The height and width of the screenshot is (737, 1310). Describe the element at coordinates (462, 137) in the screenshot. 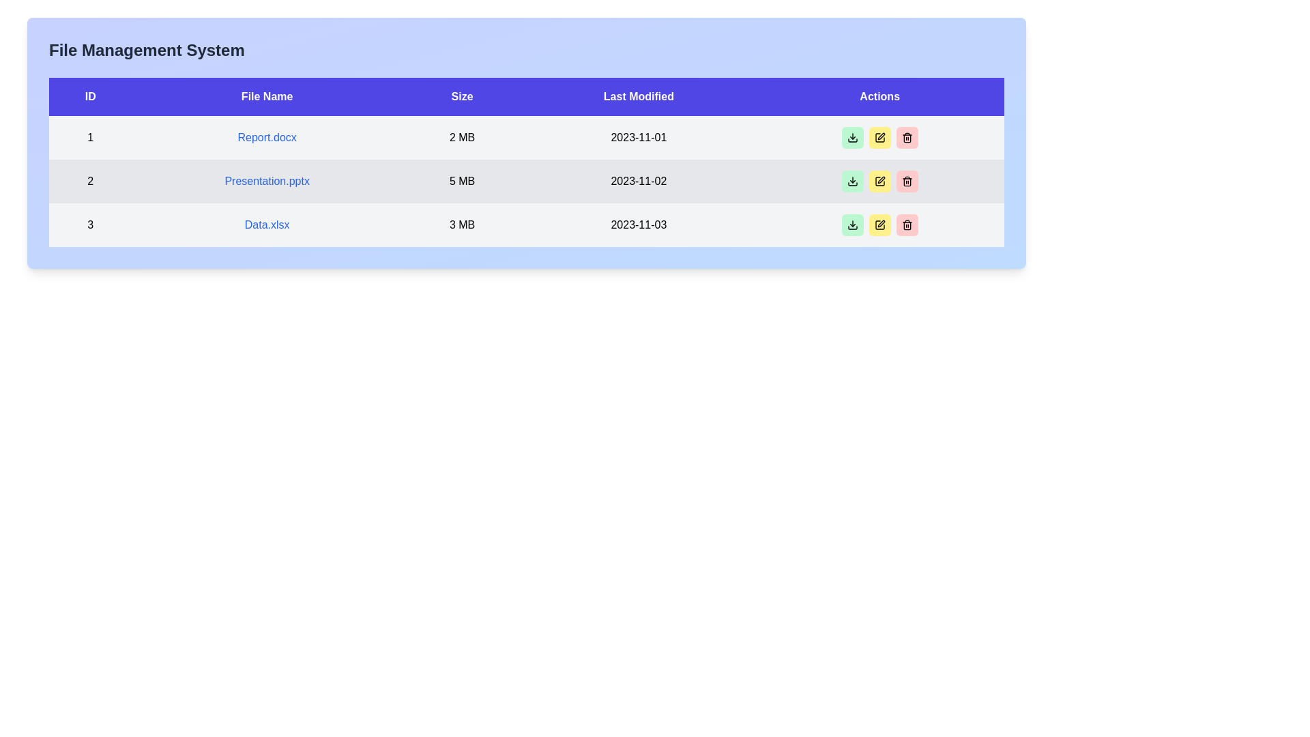

I see `the 'Size' column text display showing the file size of 'Report.docx' which indicates 2 megabytes` at that location.